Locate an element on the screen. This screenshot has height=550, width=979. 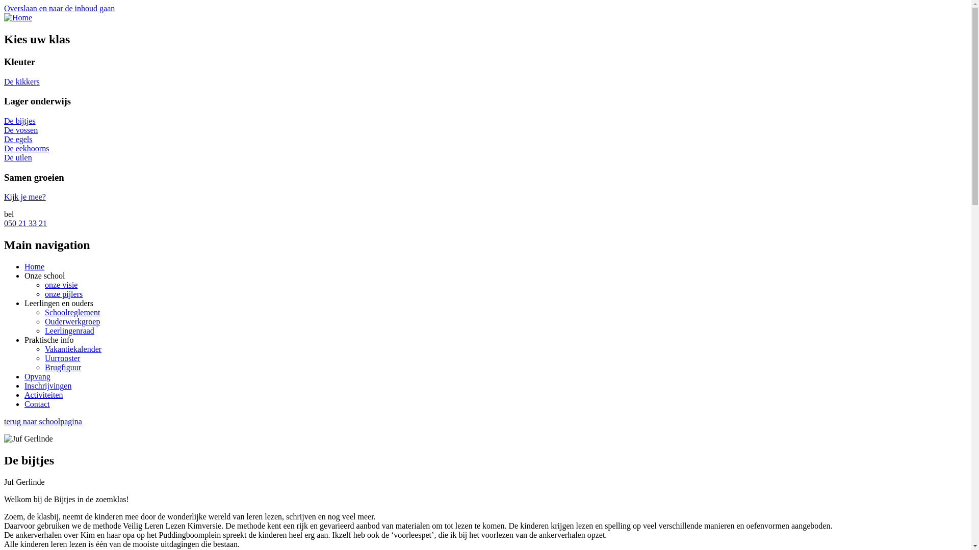
'Vakantiekalender' is located at coordinates (72, 348).